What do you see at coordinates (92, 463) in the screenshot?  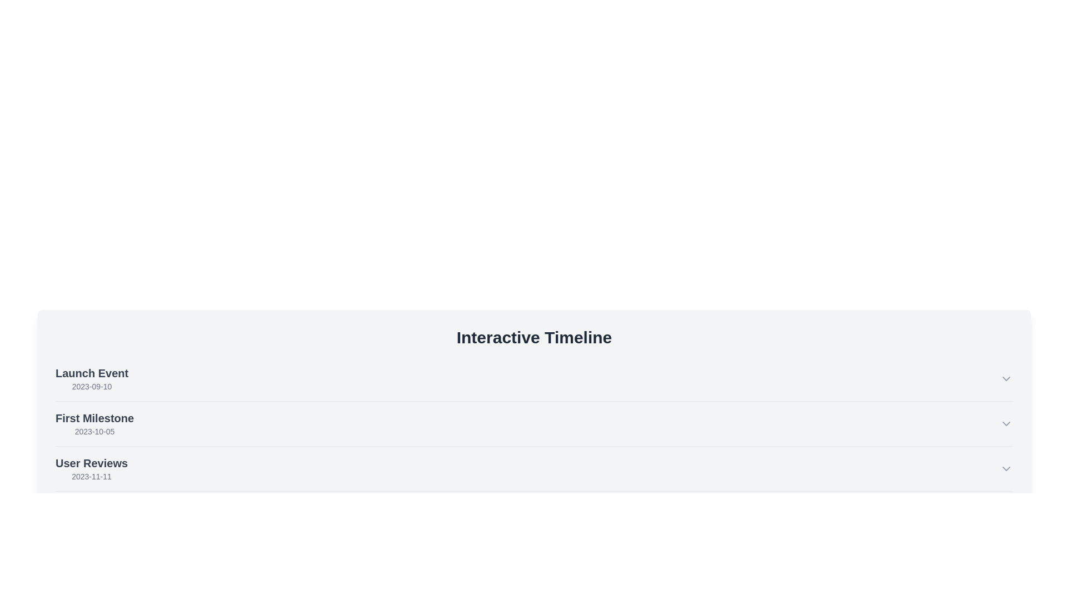 I see `the 'User Reviews' text label, which is a large, bold, dark gray label located in a vertically aligned list of events and dates` at bounding box center [92, 463].